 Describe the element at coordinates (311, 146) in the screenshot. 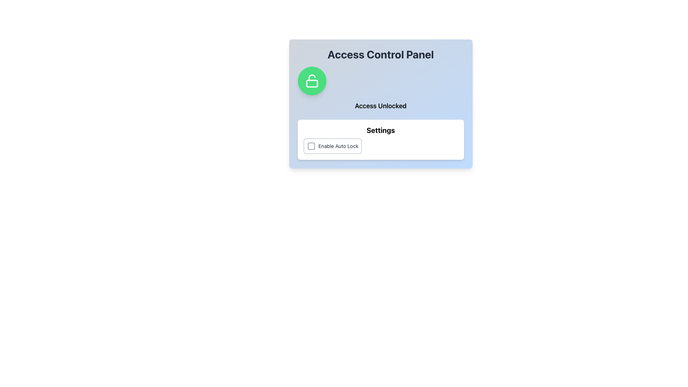

I see `the gray square icon located to the left of the 'Enable Auto Lock' text` at that location.